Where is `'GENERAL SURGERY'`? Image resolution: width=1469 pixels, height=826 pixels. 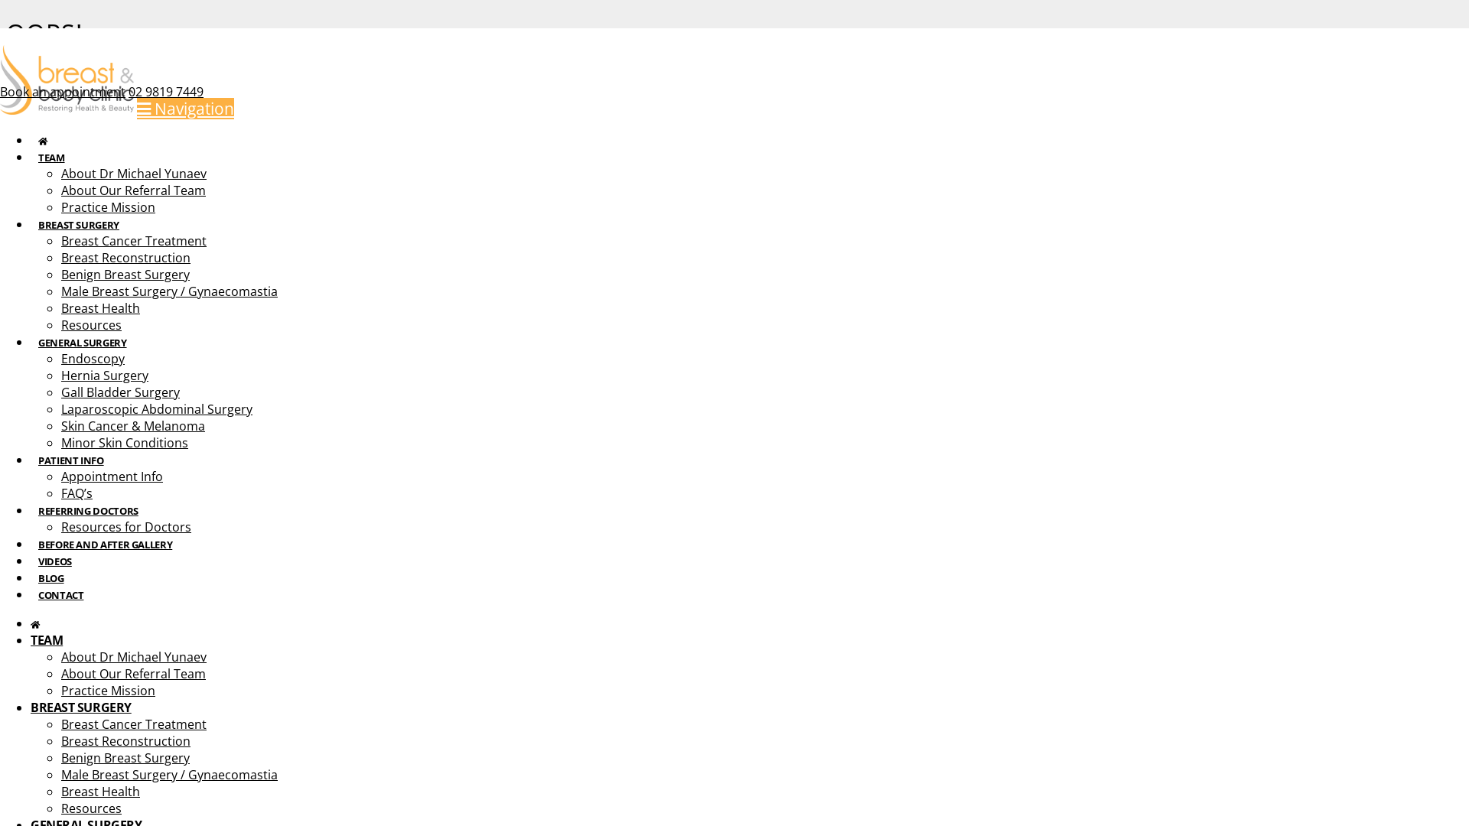 'GENERAL SURGERY' is located at coordinates (81, 338).